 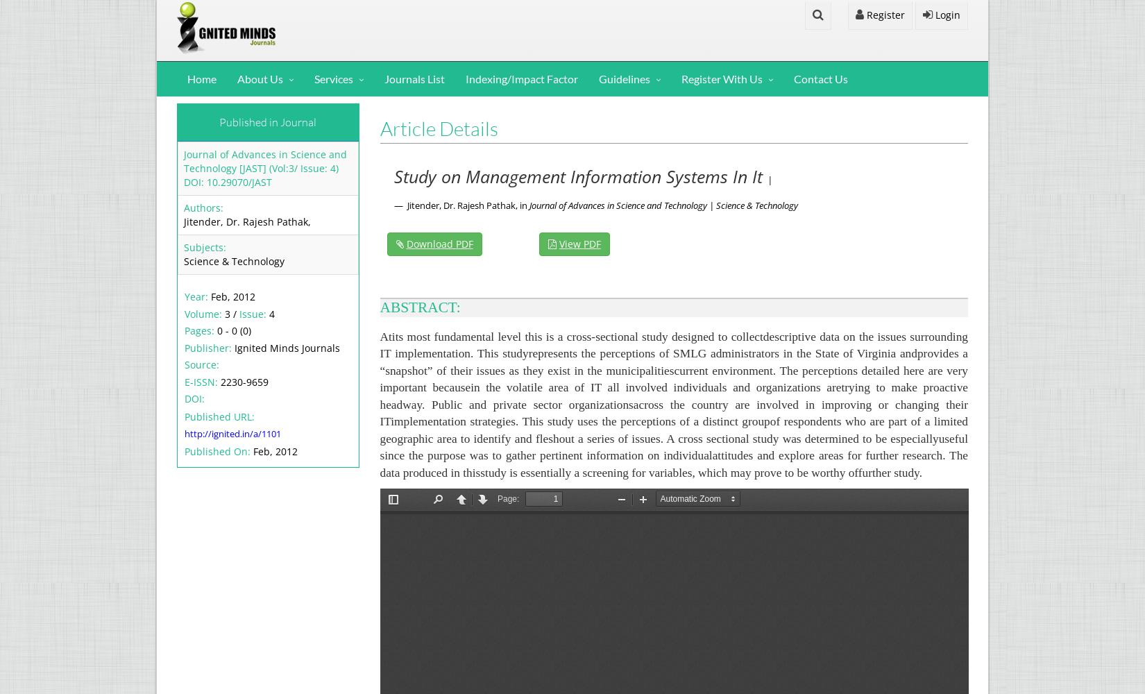 I want to click on 'Ignited Minds Journals', so click(x=286, y=347).